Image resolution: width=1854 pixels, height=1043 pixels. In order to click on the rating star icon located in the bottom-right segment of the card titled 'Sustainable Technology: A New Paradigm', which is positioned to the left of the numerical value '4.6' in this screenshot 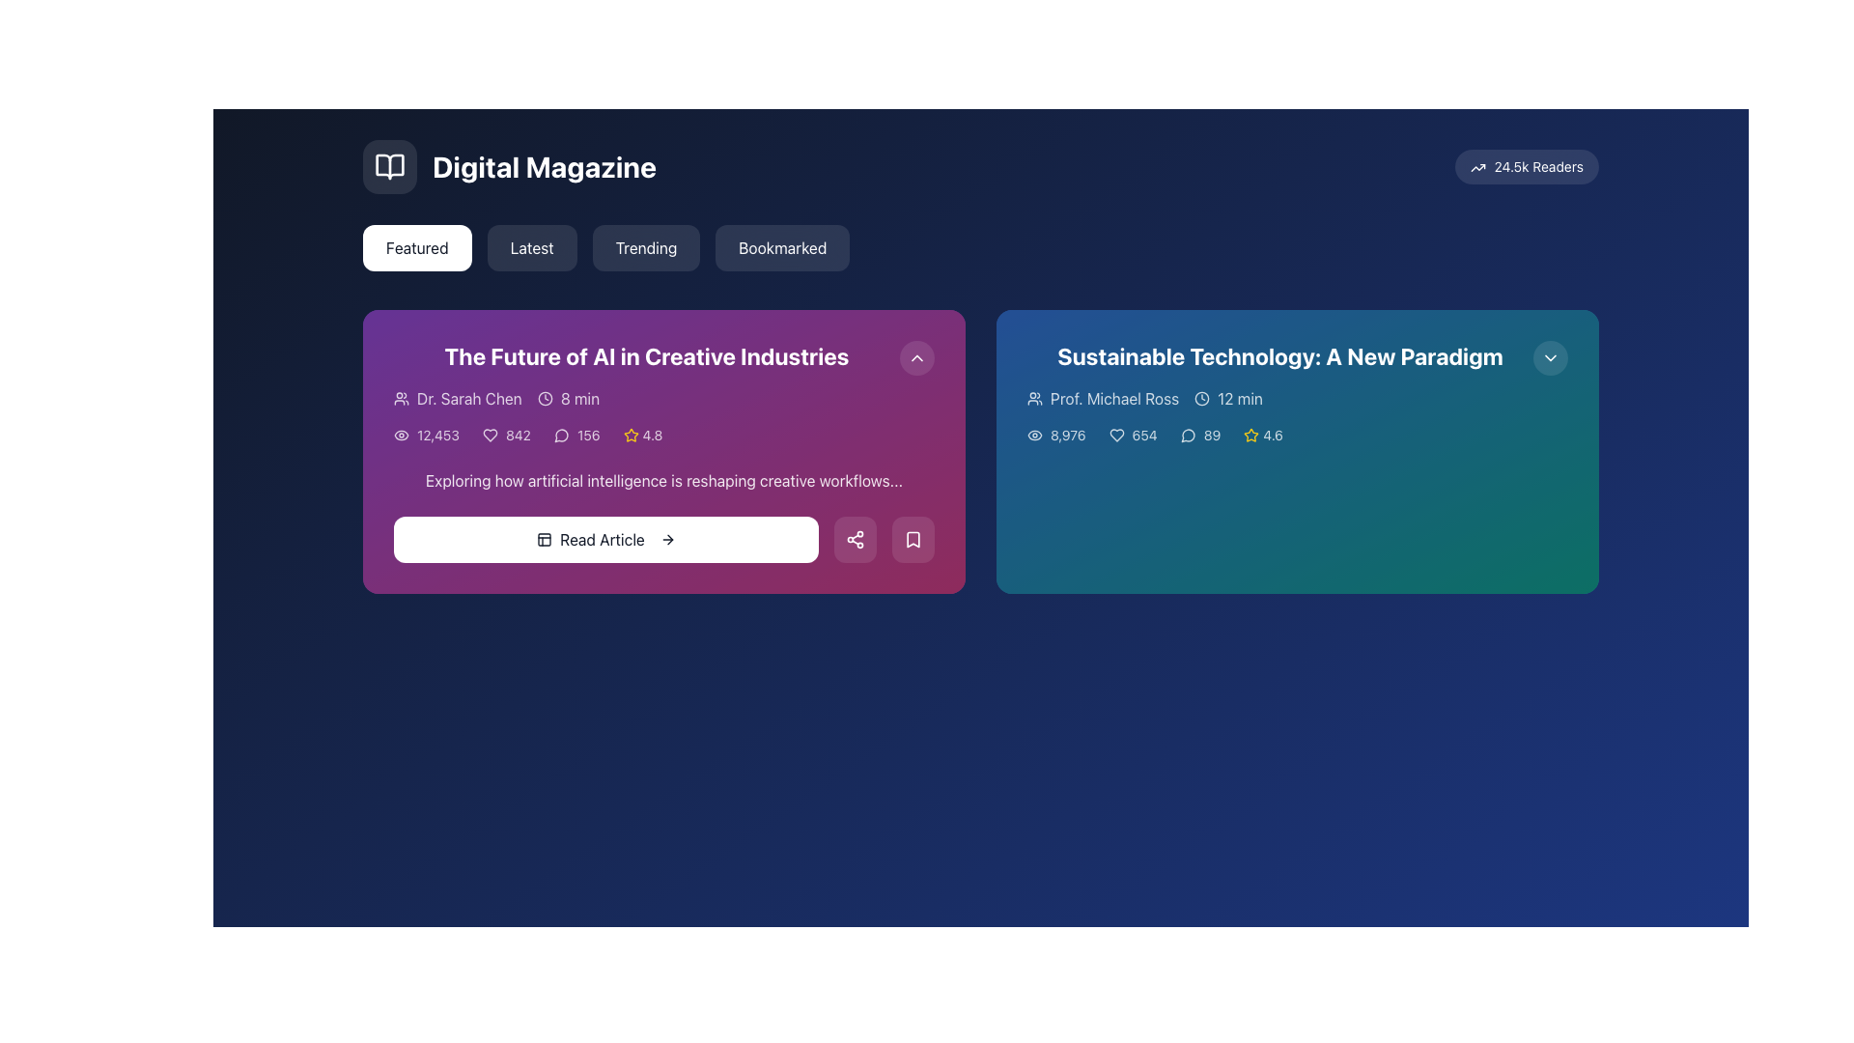, I will do `click(1251, 435)`.